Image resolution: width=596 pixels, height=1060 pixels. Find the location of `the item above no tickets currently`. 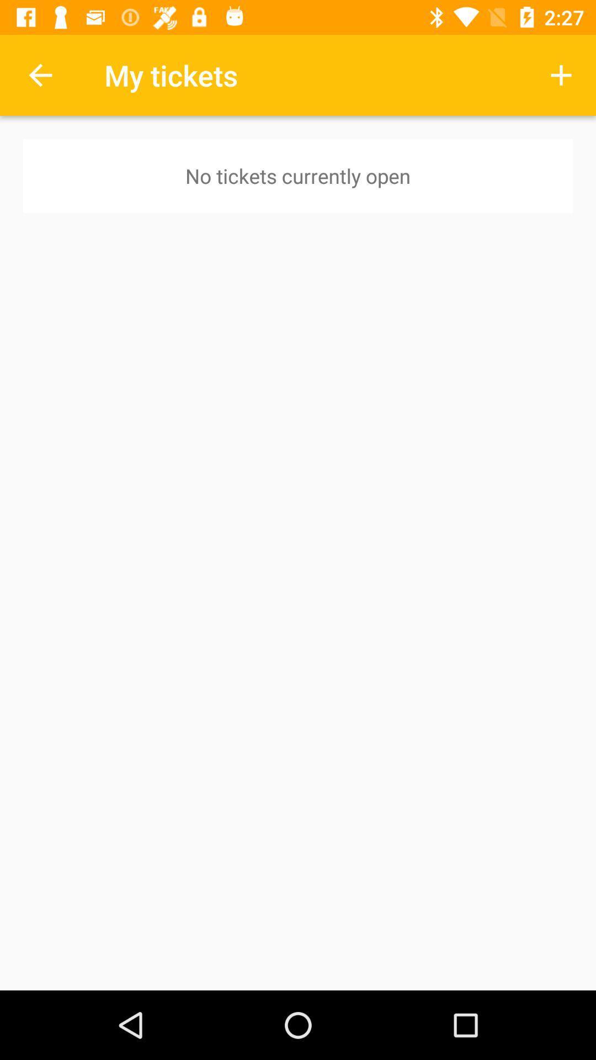

the item above no tickets currently is located at coordinates (561, 75).